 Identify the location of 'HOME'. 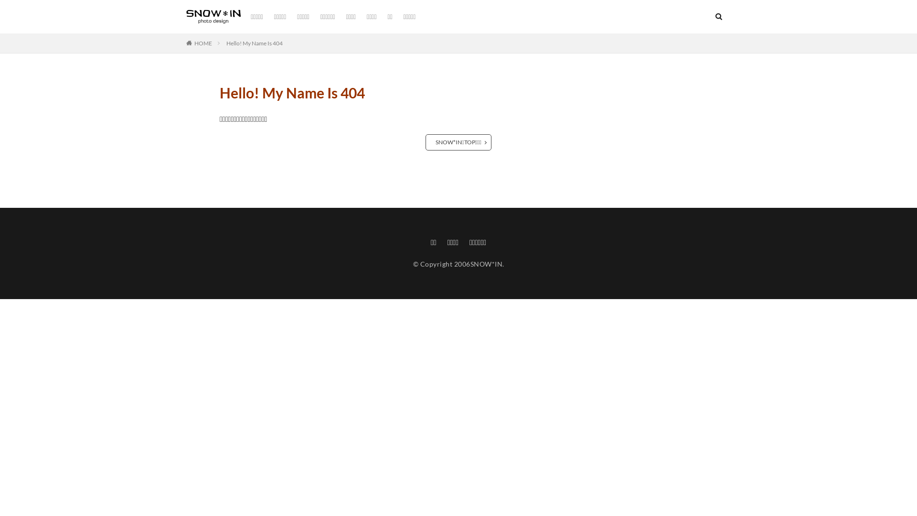
(203, 43).